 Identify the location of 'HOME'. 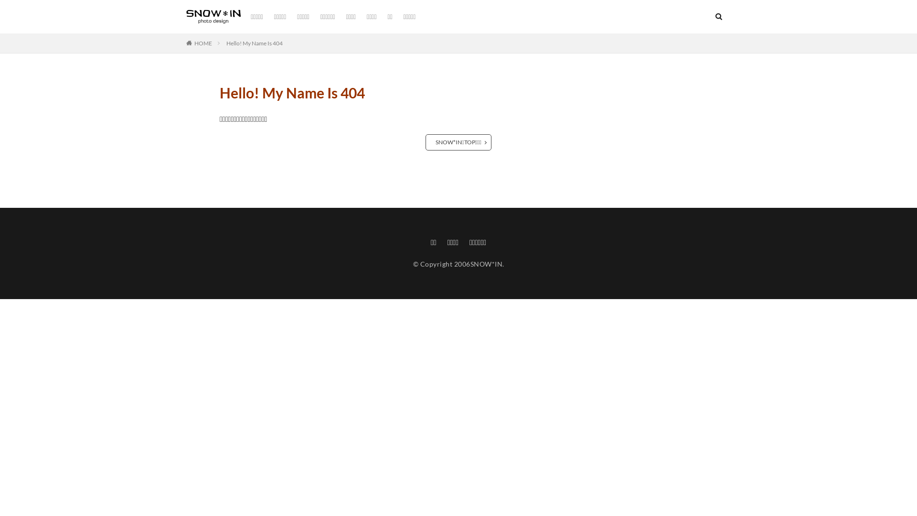
(203, 43).